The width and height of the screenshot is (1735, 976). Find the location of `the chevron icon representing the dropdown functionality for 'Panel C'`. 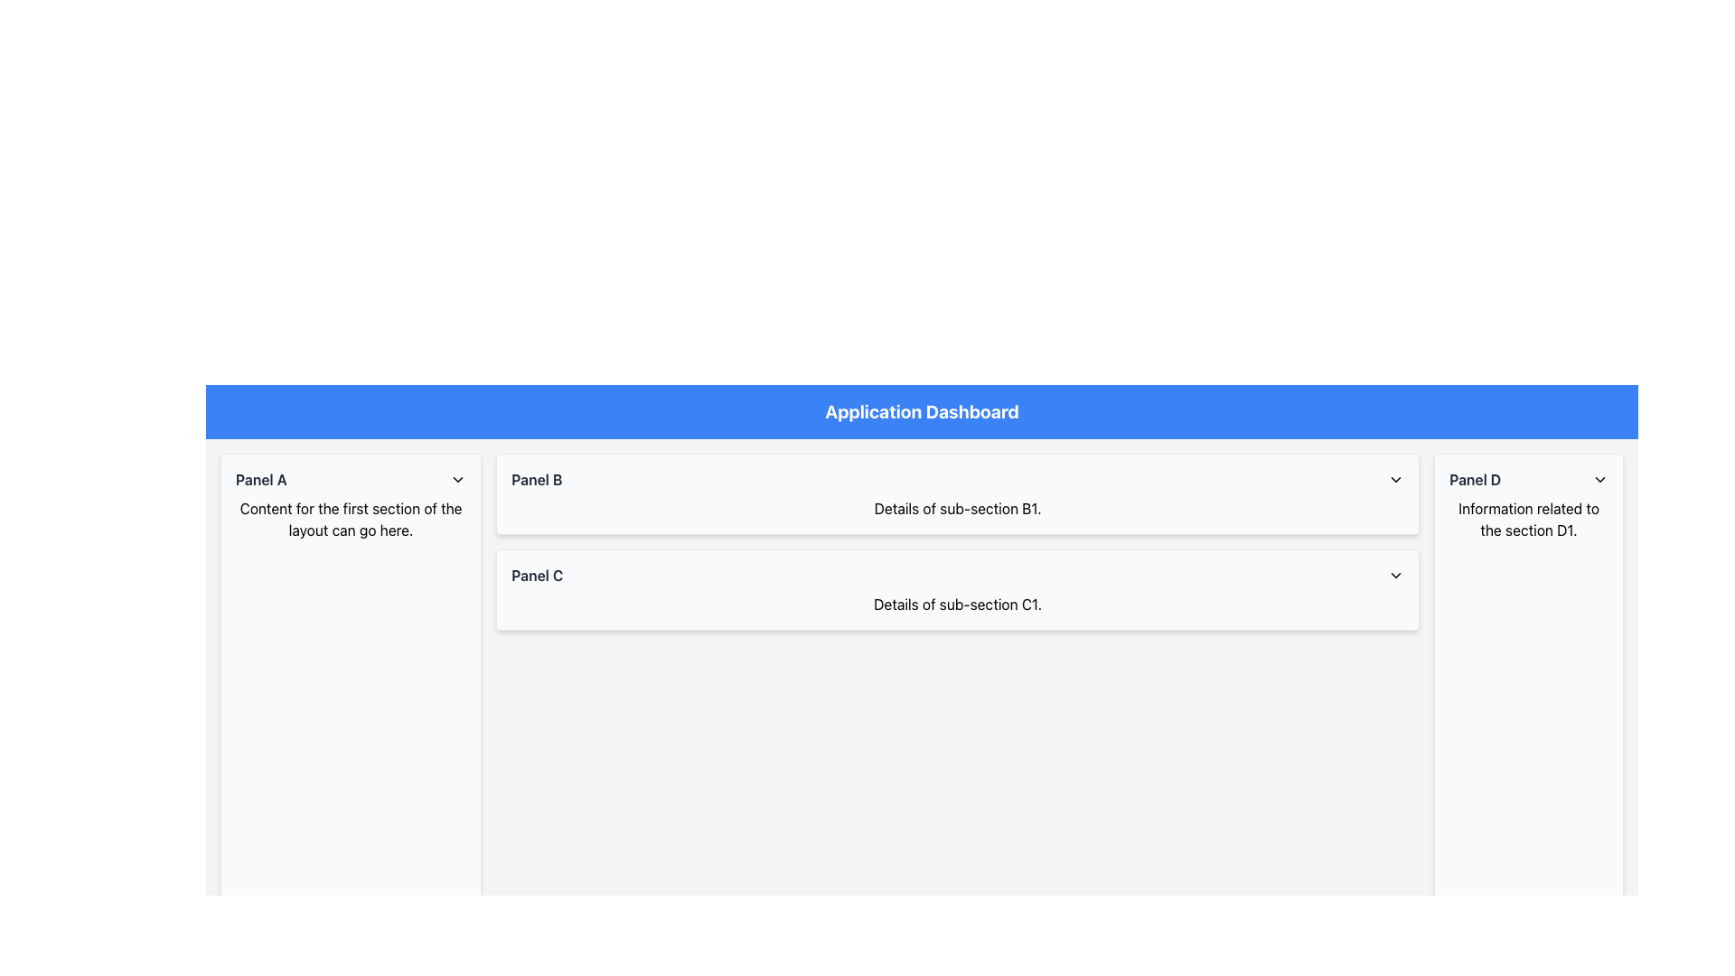

the chevron icon representing the dropdown functionality for 'Panel C' is located at coordinates (1395, 575).